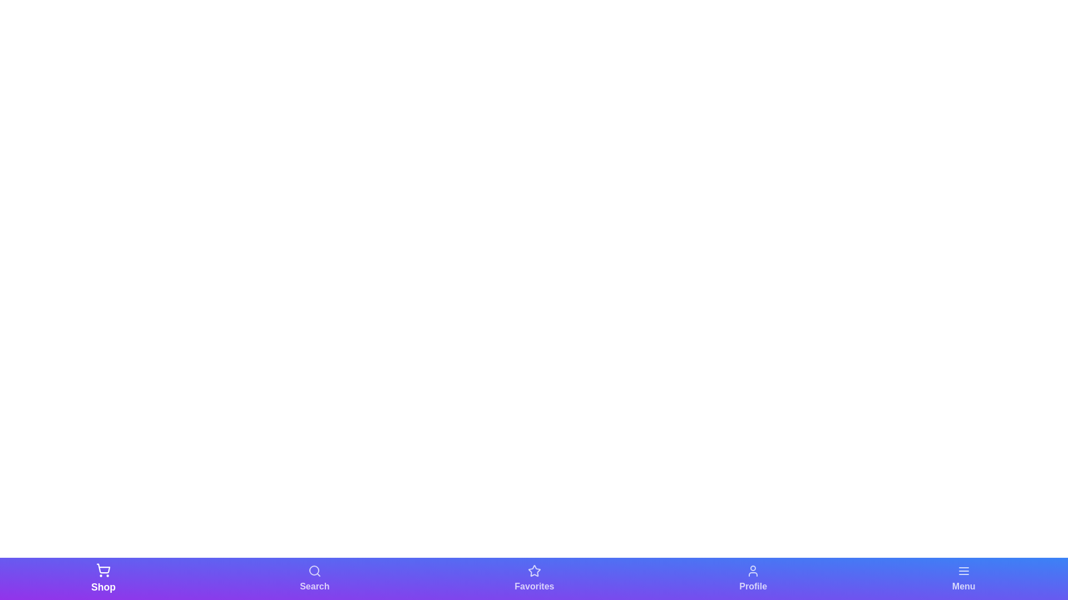  Describe the element at coordinates (314, 578) in the screenshot. I see `the navigation bar element labeled Search` at that location.